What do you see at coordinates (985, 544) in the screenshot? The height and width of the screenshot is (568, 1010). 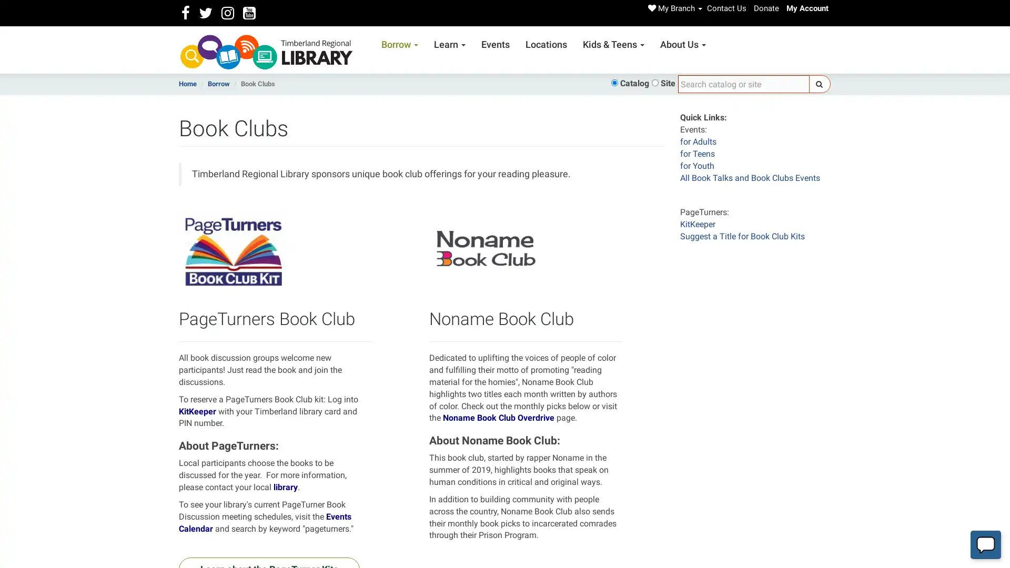 I see `Start chat` at bounding box center [985, 544].